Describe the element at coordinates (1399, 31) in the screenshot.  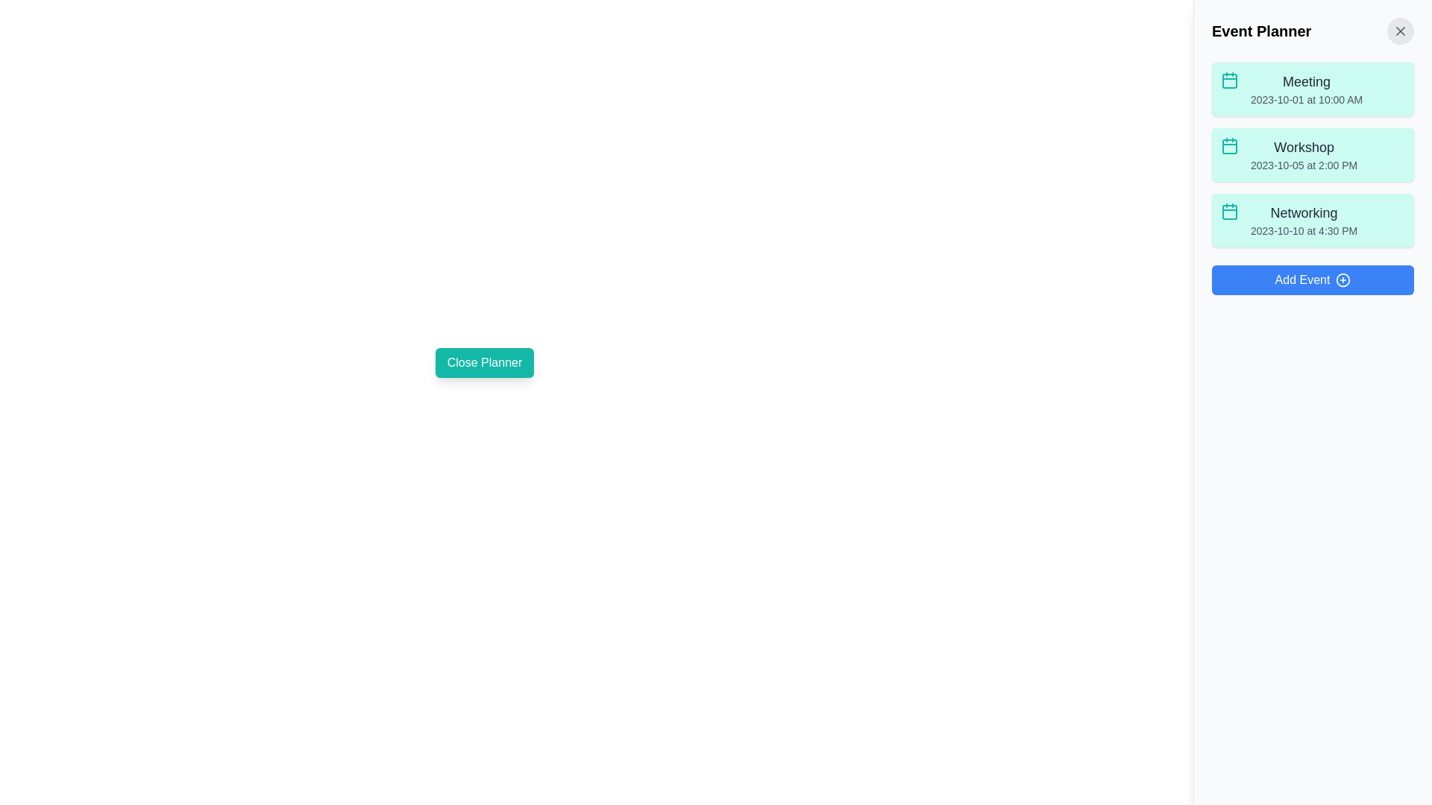
I see `the close button located at the top-right corner of the Event Planner section` at that location.